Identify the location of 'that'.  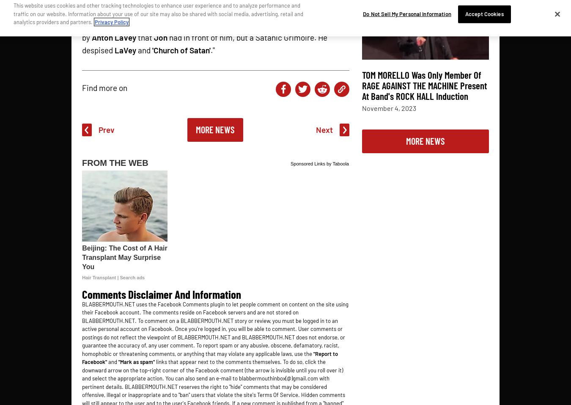
(145, 36).